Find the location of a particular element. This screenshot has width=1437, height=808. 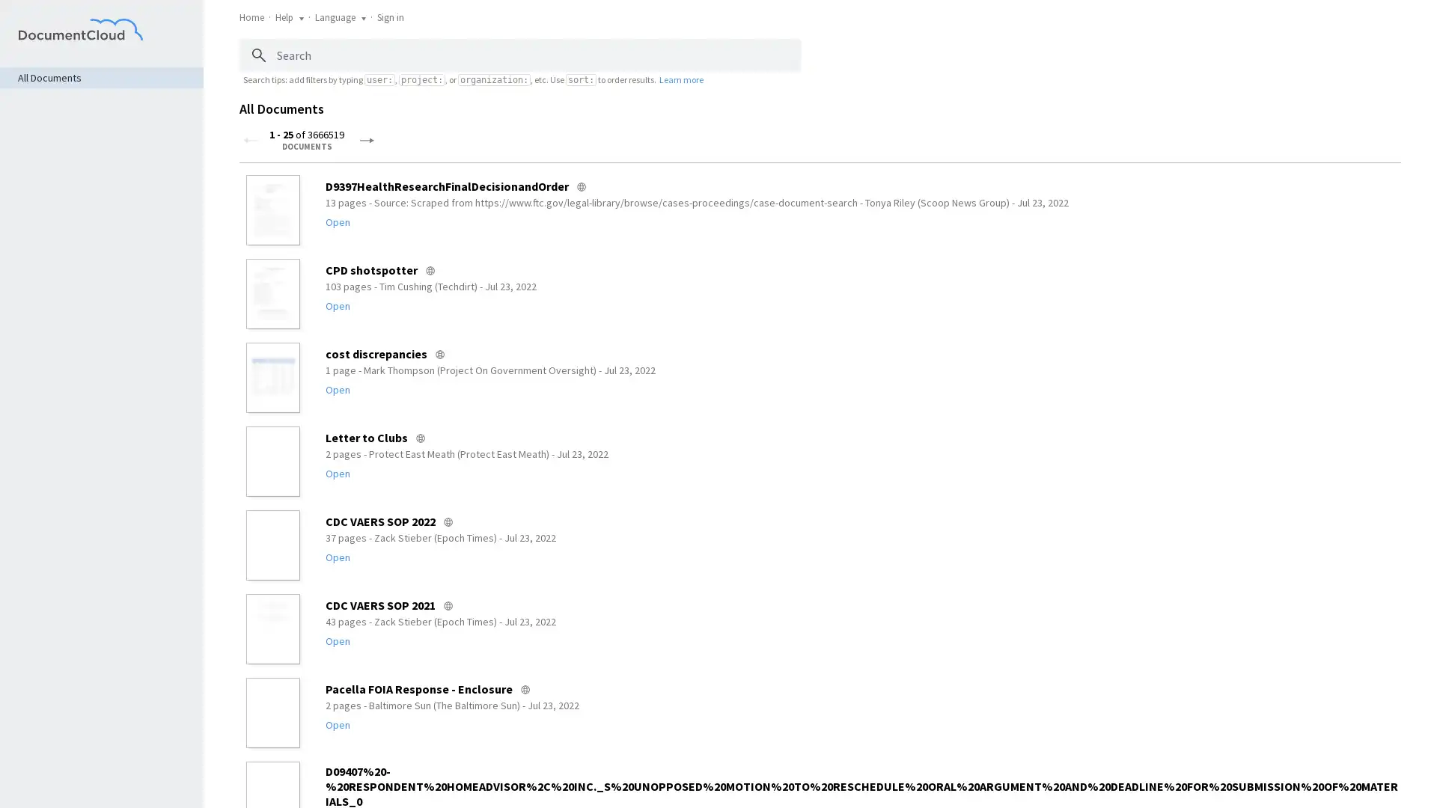

Learn more is located at coordinates (680, 79).